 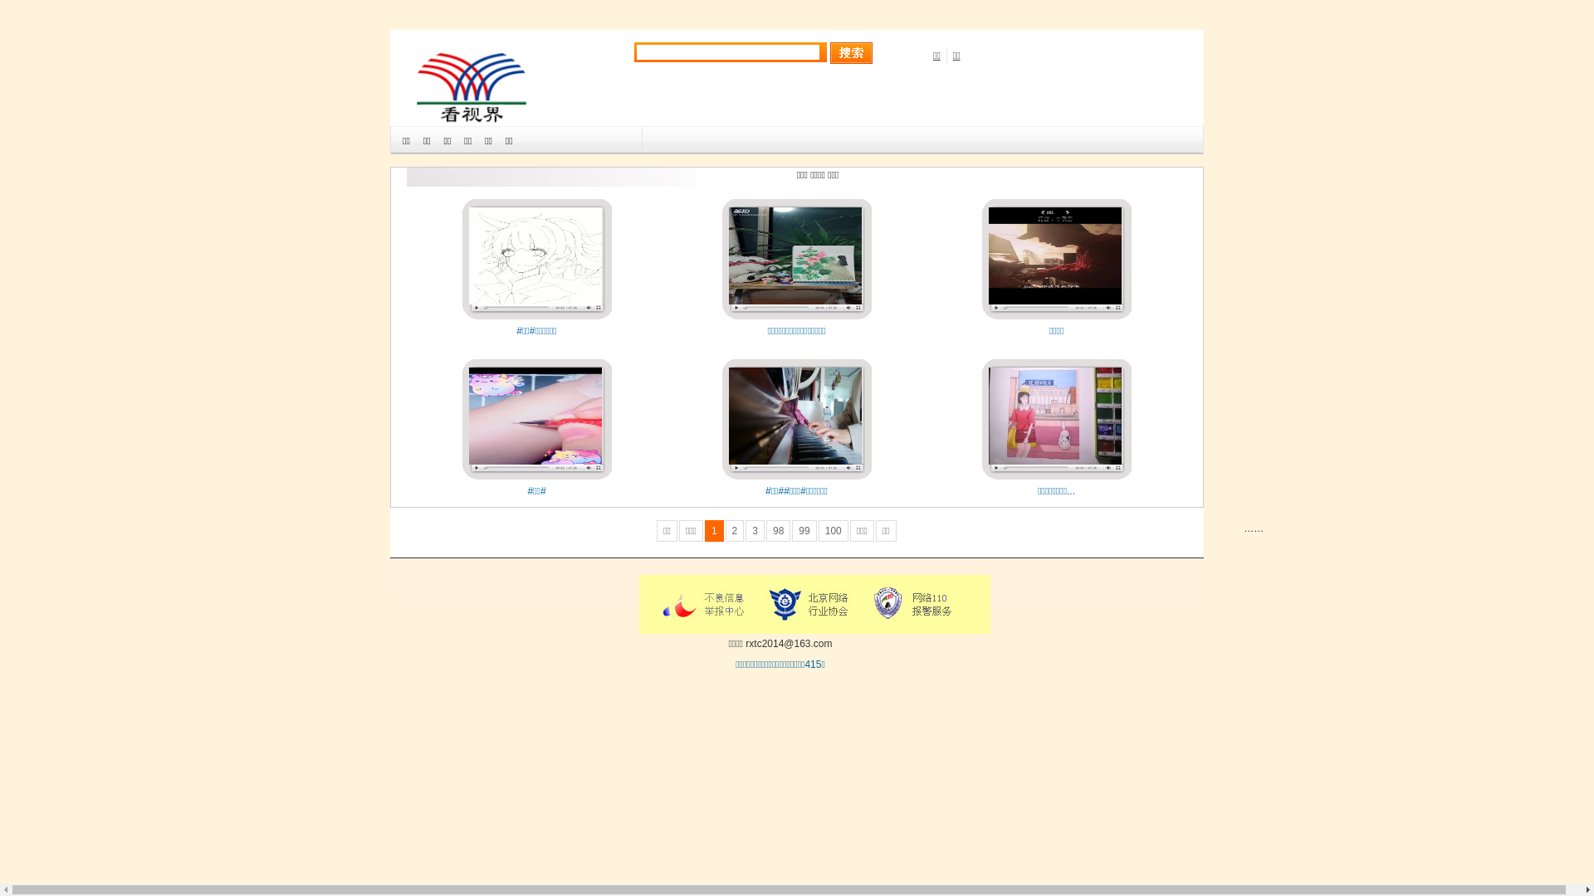 What do you see at coordinates (734, 531) in the screenshot?
I see `'2'` at bounding box center [734, 531].